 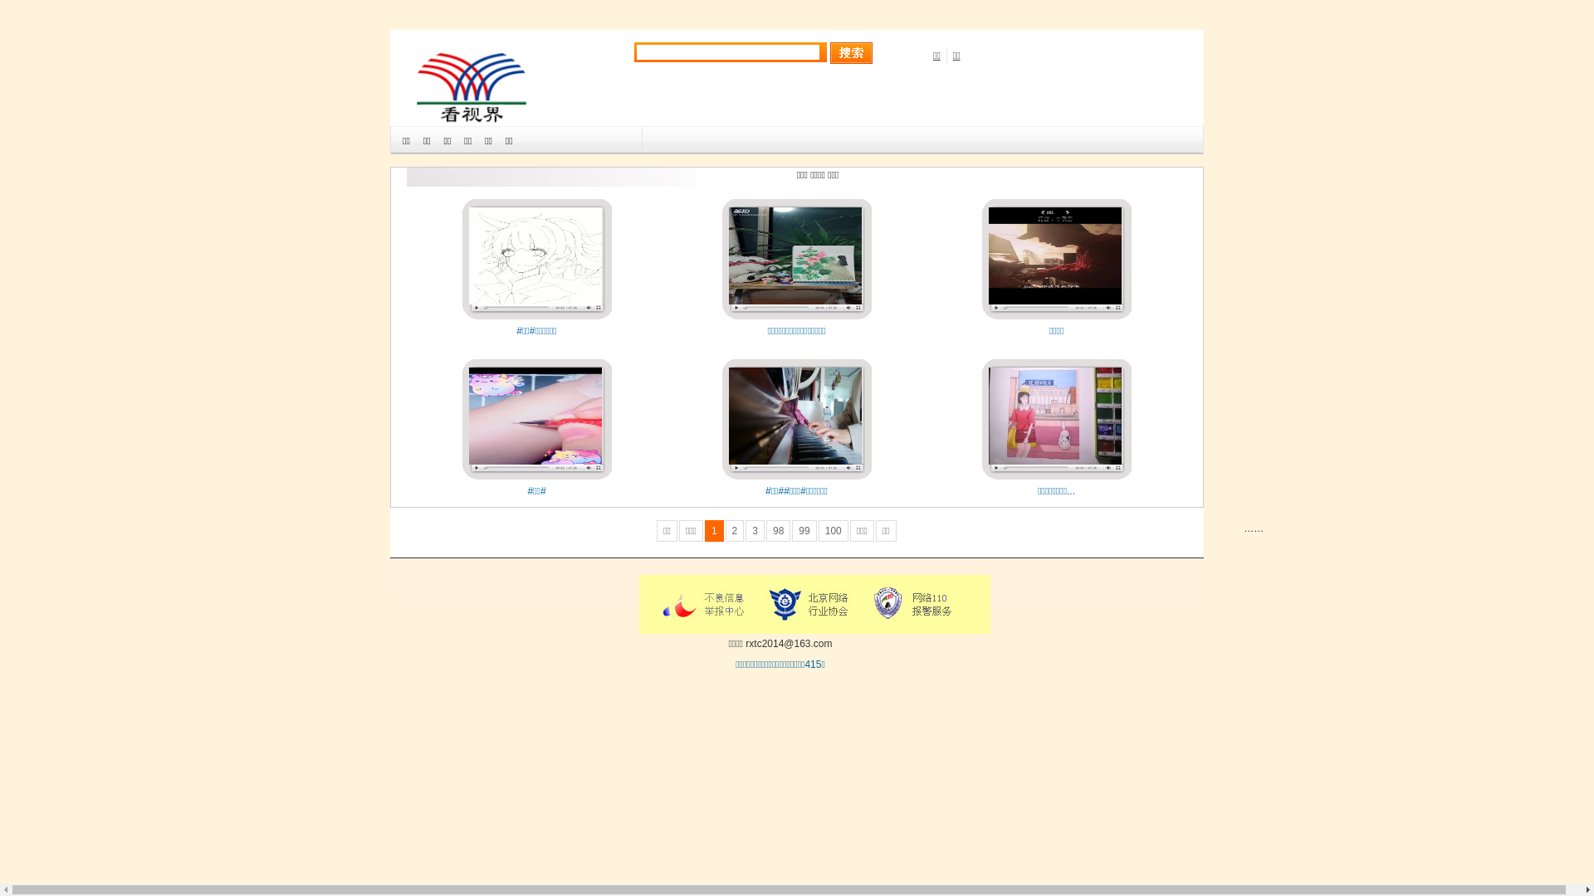 What do you see at coordinates (734, 531) in the screenshot?
I see `'2'` at bounding box center [734, 531].